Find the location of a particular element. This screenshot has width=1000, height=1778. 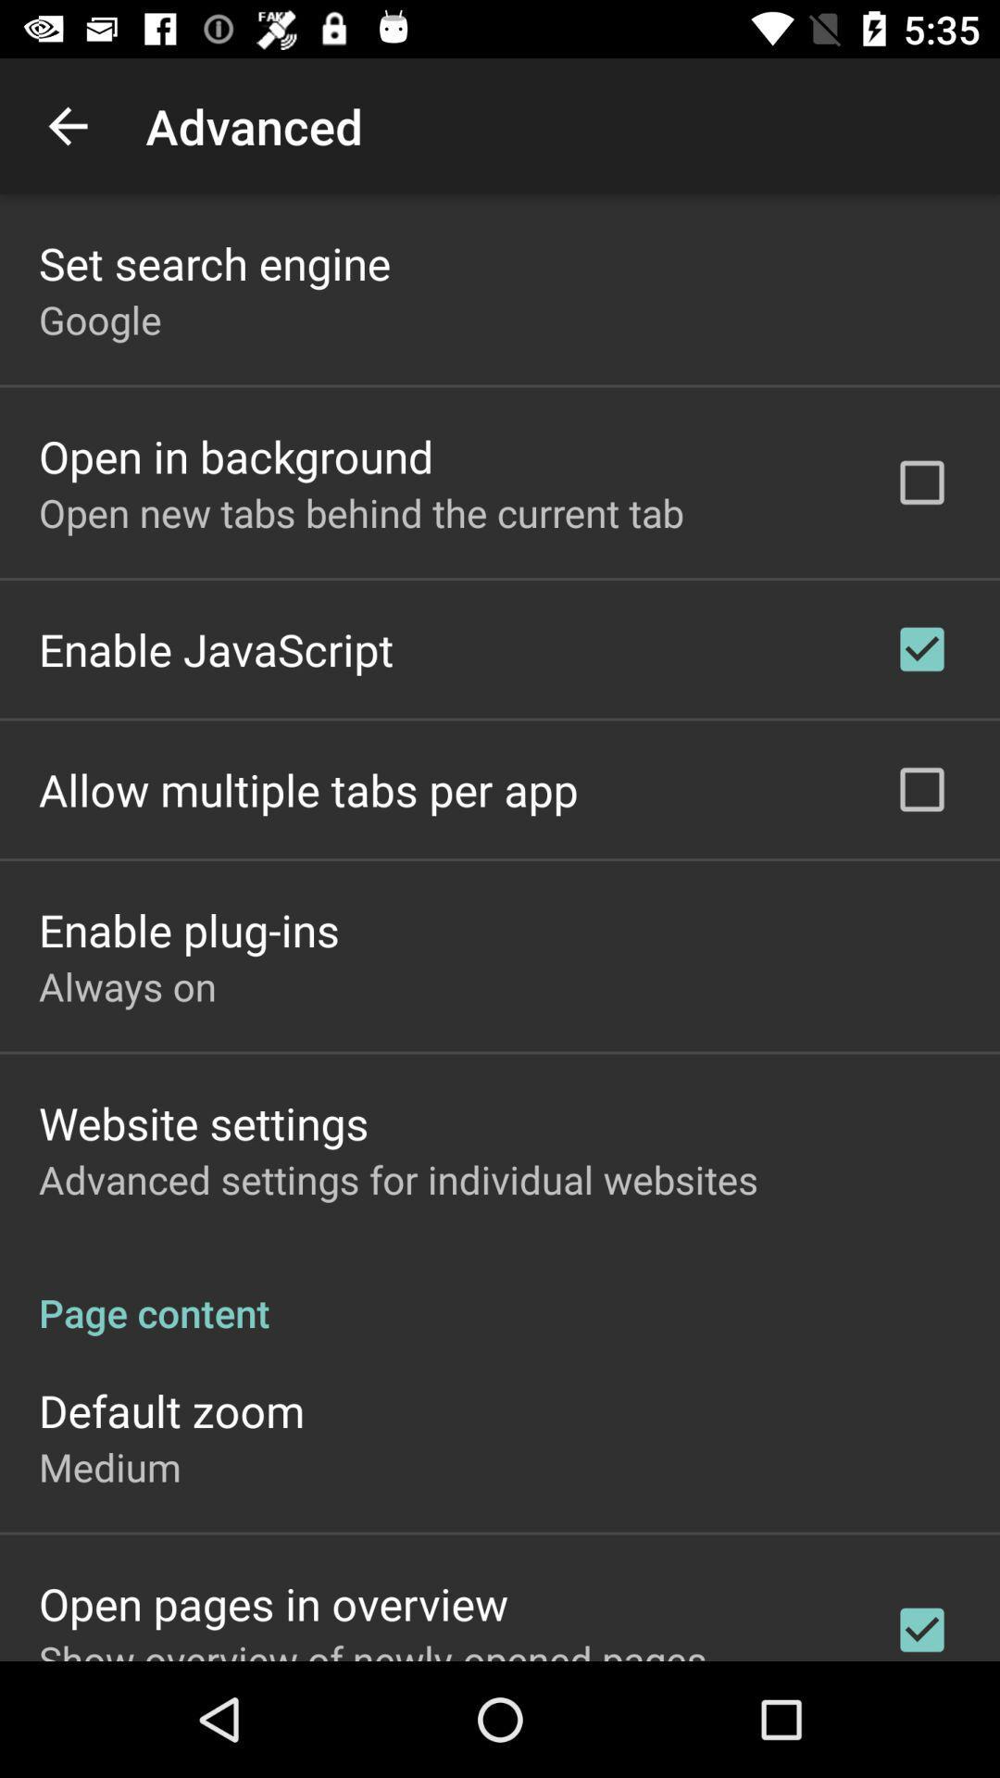

the google icon is located at coordinates (100, 319).